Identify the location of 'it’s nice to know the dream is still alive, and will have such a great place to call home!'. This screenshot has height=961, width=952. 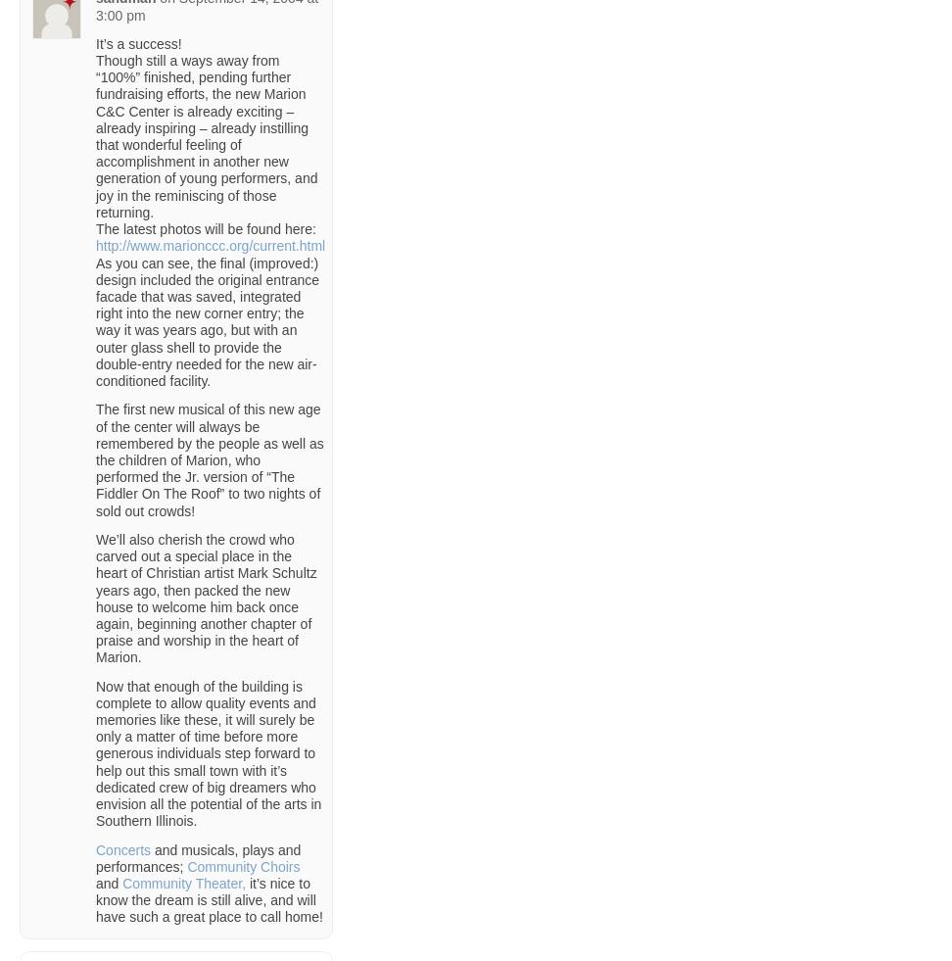
(208, 900).